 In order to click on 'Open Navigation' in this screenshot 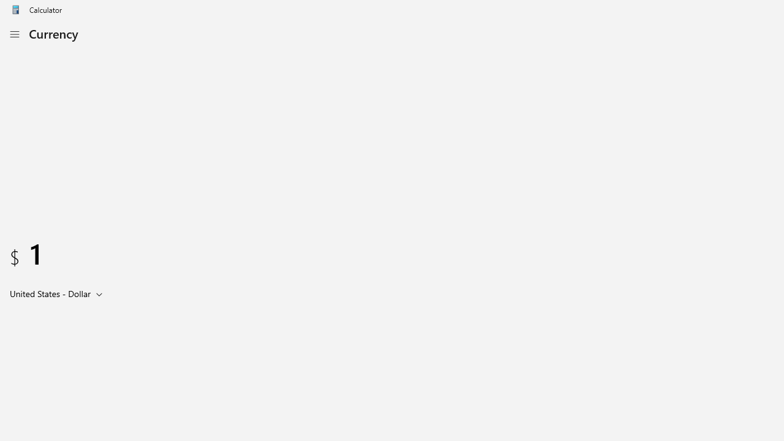, I will do `click(14, 34)`.